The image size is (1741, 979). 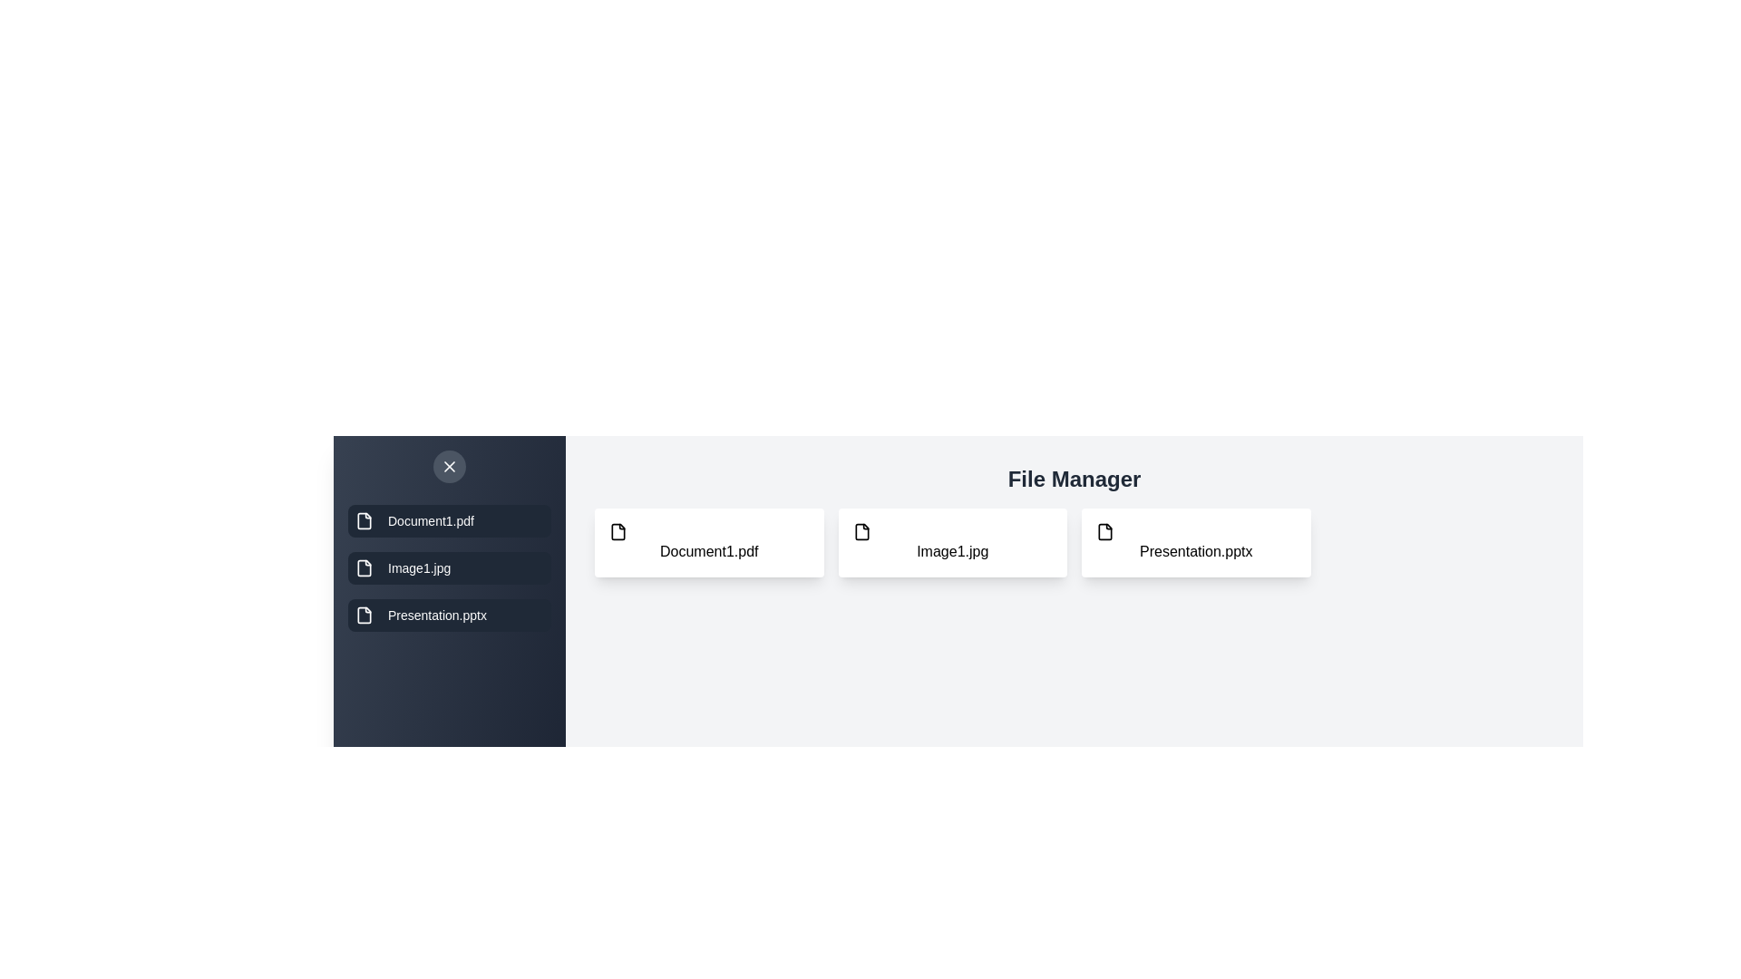 I want to click on button with the close icon to toggle the drawer's visibility, so click(x=449, y=466).